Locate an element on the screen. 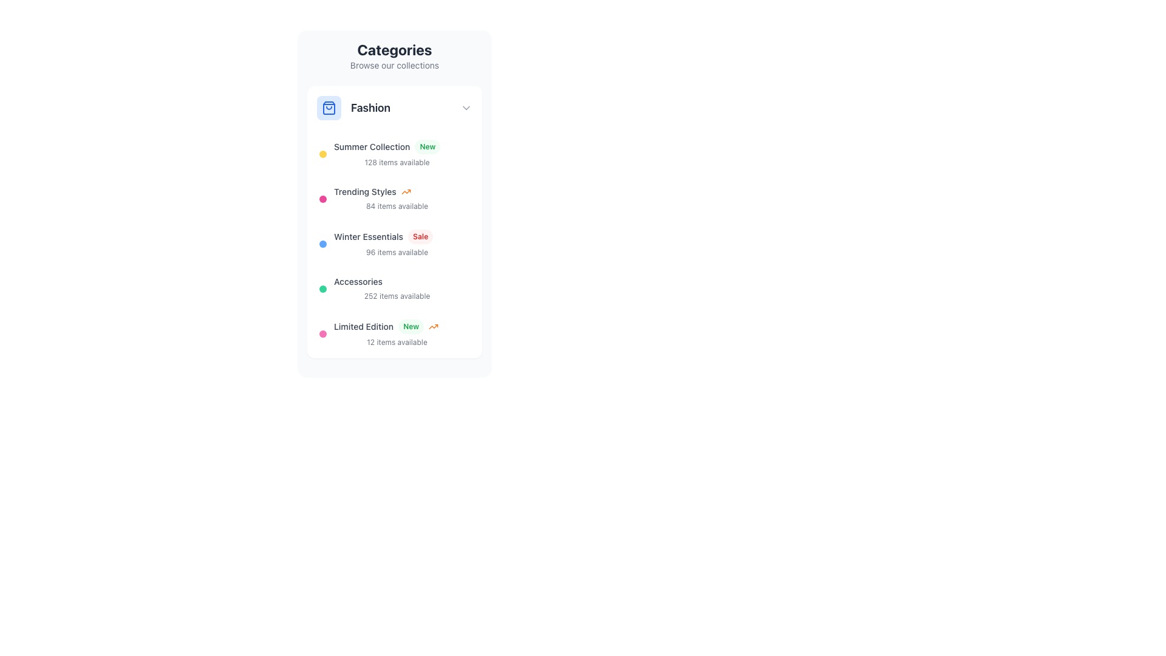  the small circular icon with a pink background located to the left of the 'Trending Styles' text is located at coordinates (323, 198).